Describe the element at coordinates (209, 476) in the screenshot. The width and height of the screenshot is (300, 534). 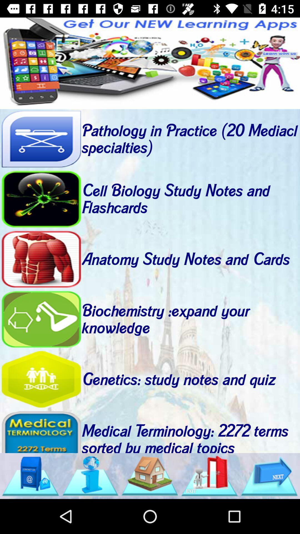
I see `open more study notes` at that location.